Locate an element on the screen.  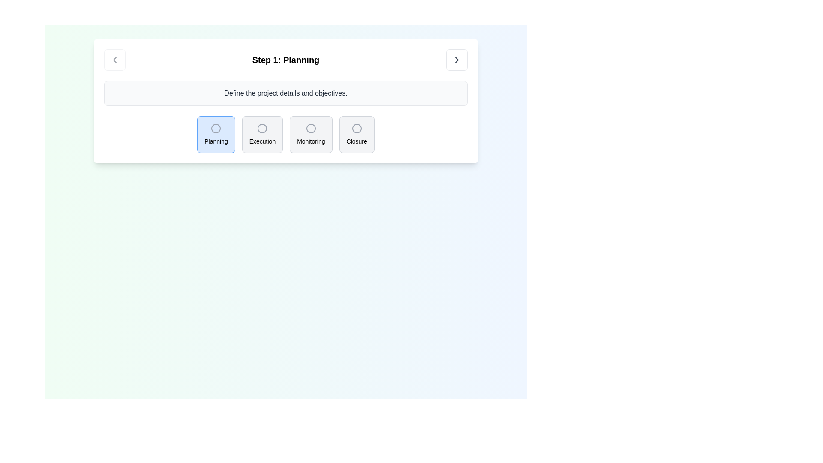
the navigation button located in the header section to the far right of 'Step 1: Planning', which features a right-pointing chevron icon, to trigger hover effects is located at coordinates (456, 59).